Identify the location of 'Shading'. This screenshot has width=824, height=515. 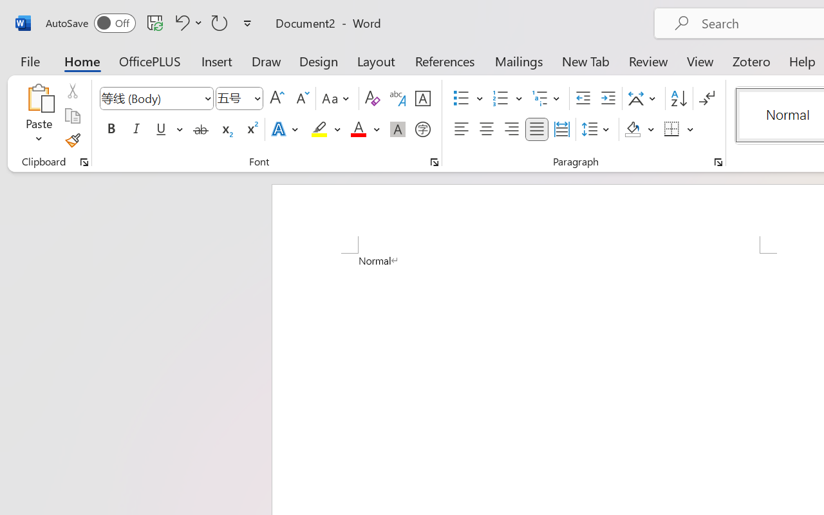
(639, 129).